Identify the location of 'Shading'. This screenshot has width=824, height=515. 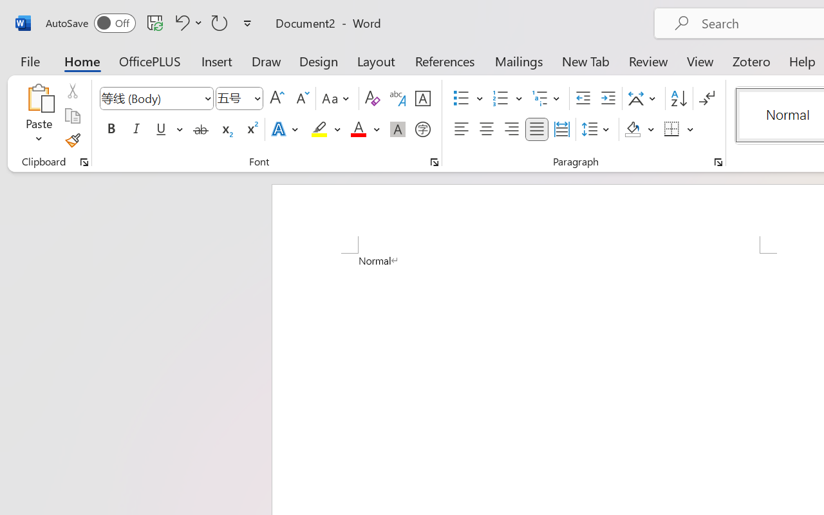
(639, 129).